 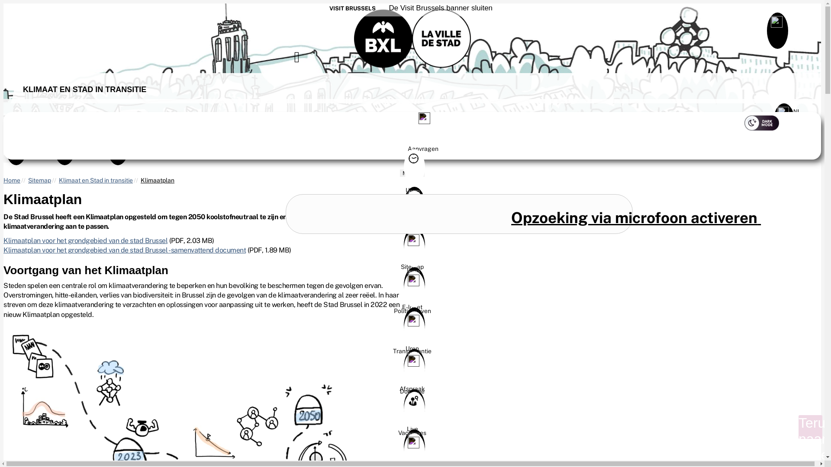 What do you see at coordinates (447, 135) in the screenshot?
I see `'Aanvragen'` at bounding box center [447, 135].